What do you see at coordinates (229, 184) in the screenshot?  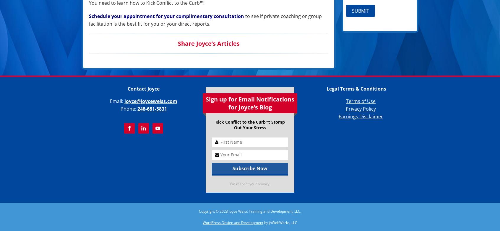 I see `'We respect your privacy.'` at bounding box center [229, 184].